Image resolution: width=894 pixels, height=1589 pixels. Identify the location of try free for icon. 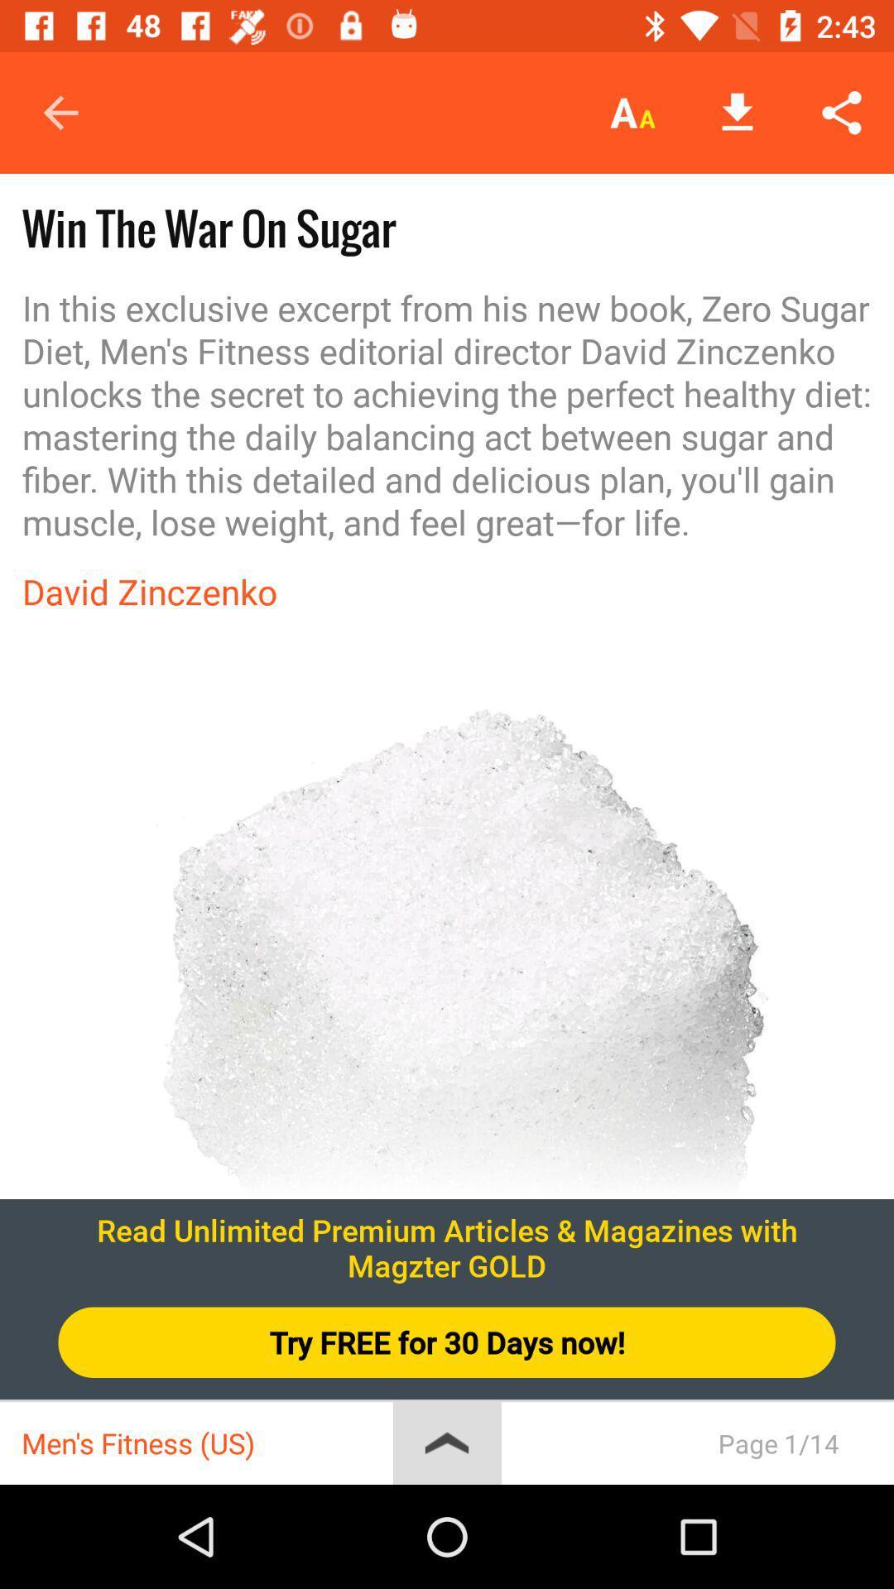
(447, 1342).